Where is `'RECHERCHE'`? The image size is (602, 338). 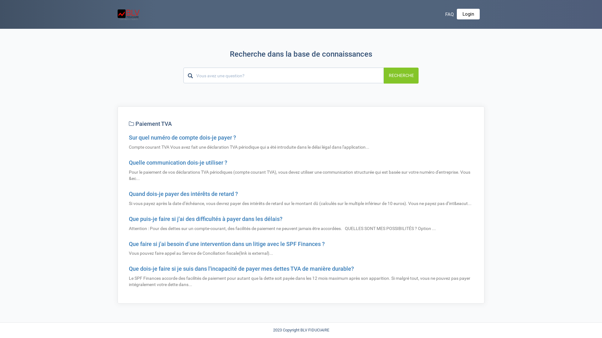
'RECHERCHE' is located at coordinates (401, 75).